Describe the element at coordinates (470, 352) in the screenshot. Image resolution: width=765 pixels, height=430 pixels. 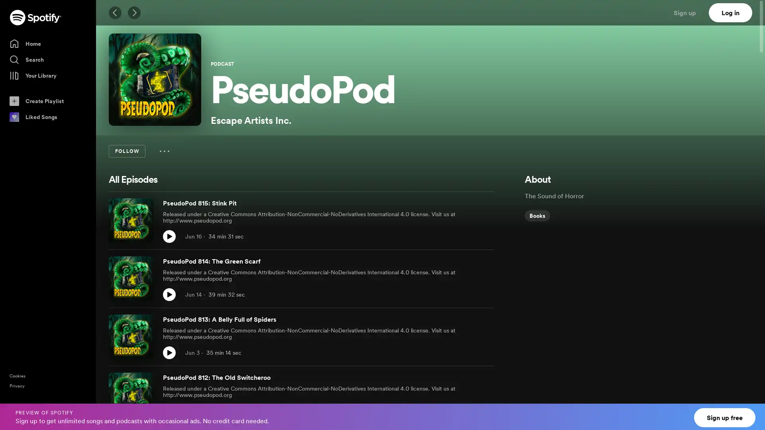
I see `Share` at that location.